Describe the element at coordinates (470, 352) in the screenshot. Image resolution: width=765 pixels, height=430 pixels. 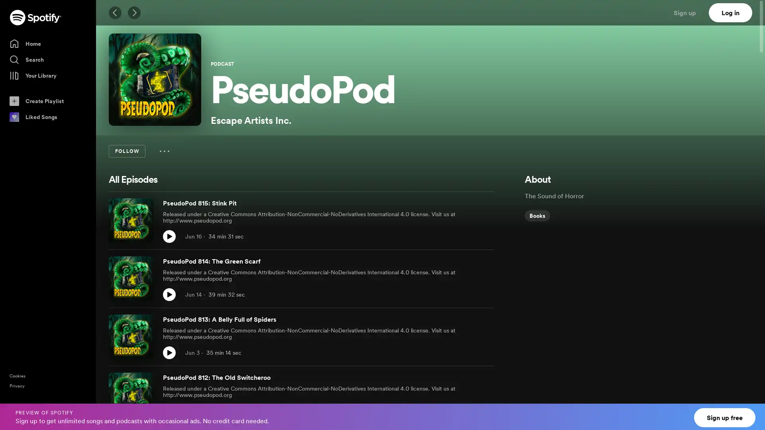
I see `Share` at that location.